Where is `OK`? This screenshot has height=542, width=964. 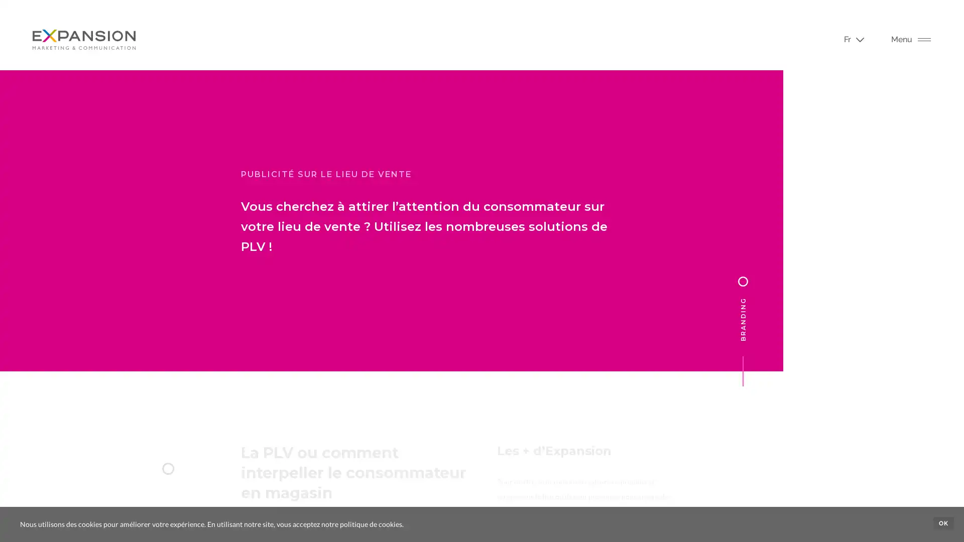 OK is located at coordinates (943, 522).